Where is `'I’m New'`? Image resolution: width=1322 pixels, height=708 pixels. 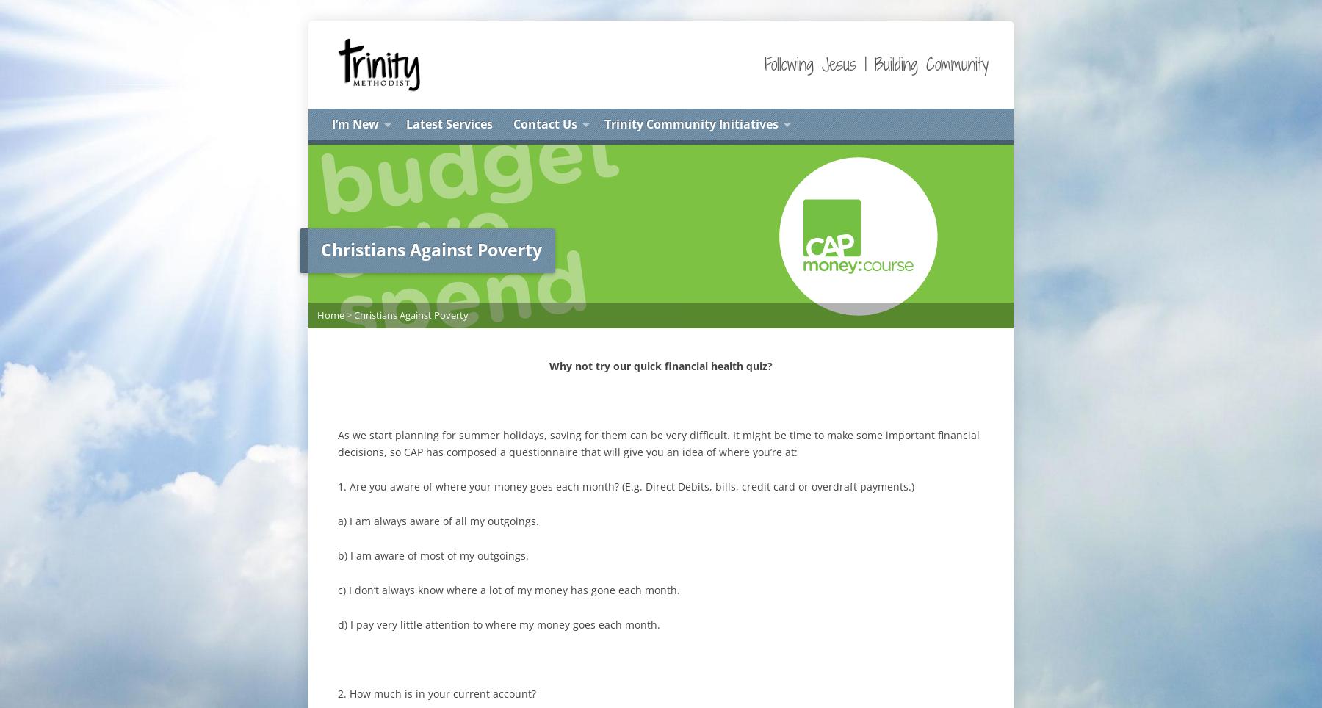
'I’m New' is located at coordinates (355, 123).